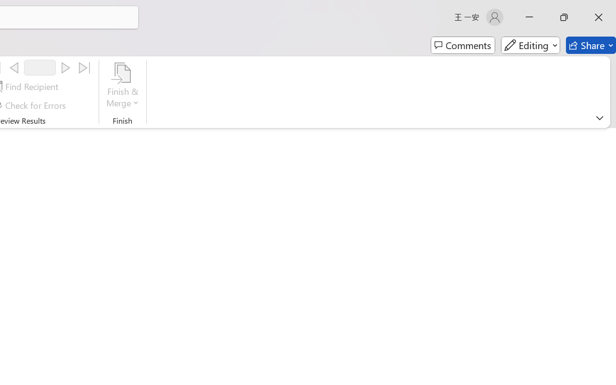  I want to click on 'Comments', so click(462, 45).